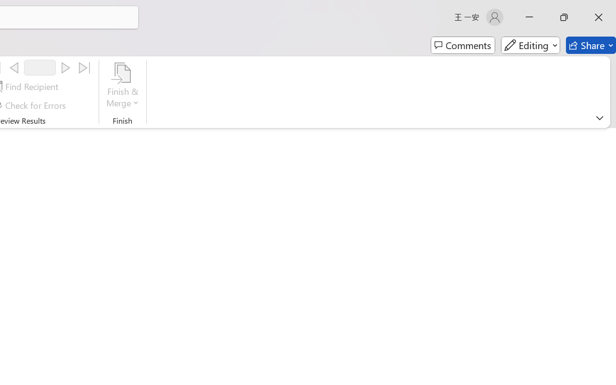  I want to click on 'Comments', so click(462, 45).